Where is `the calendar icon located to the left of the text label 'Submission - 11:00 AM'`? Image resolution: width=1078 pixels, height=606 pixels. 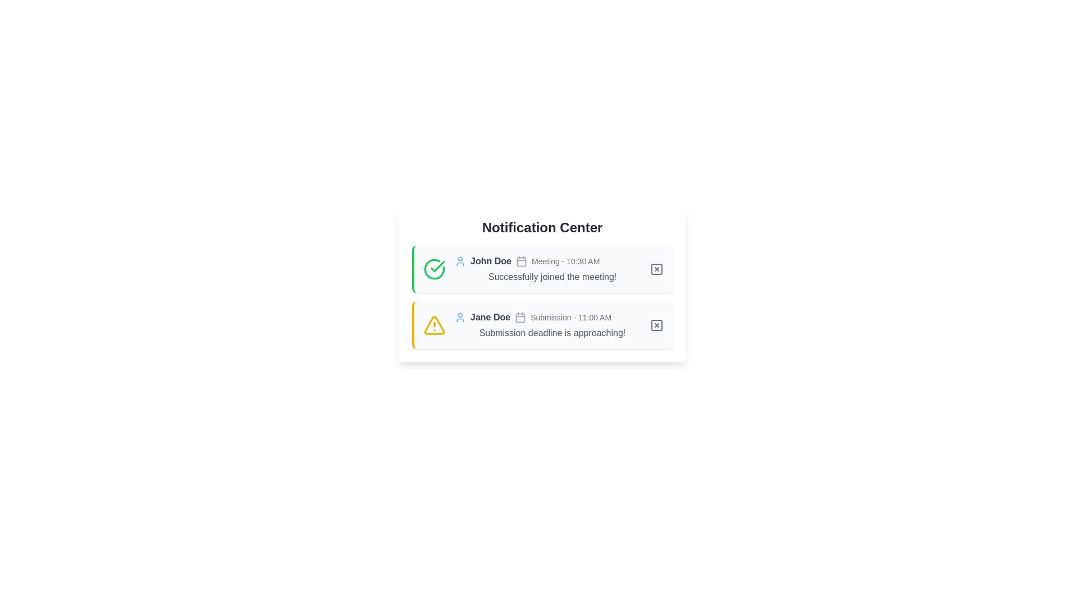
the calendar icon located to the left of the text label 'Submission - 11:00 AM' is located at coordinates (519, 318).